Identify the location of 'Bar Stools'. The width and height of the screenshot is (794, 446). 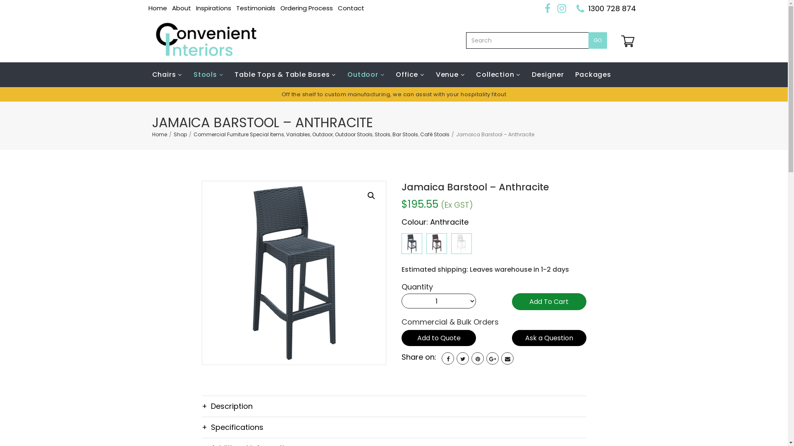
(405, 134).